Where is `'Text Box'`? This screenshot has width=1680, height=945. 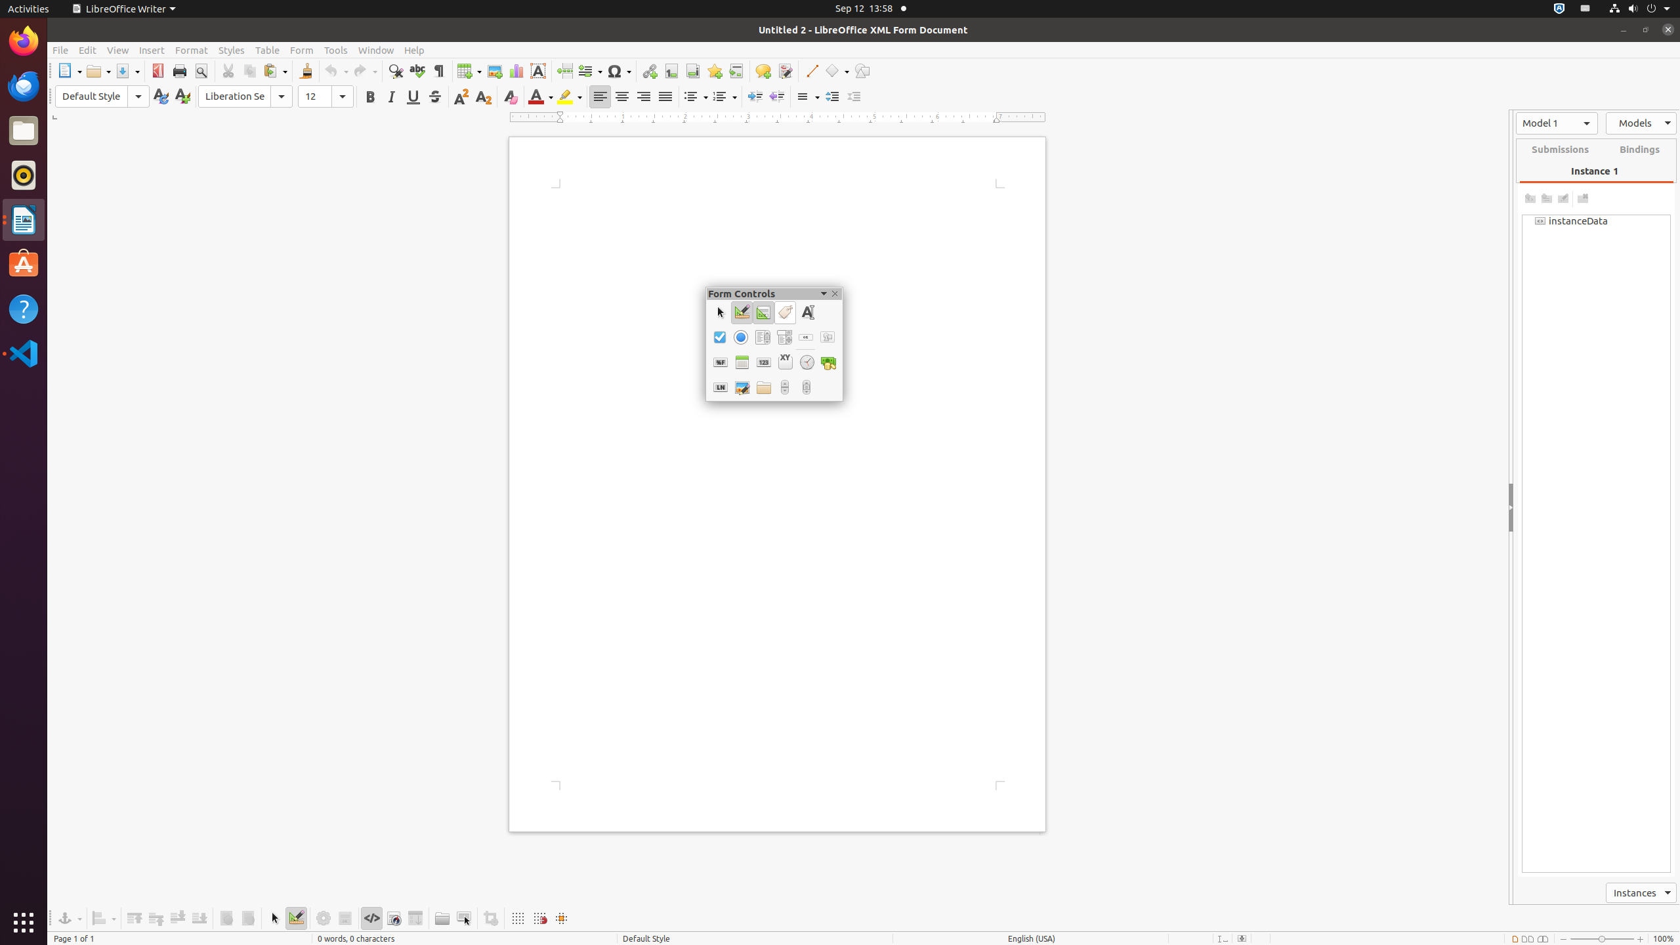 'Text Box' is located at coordinates (806, 312).